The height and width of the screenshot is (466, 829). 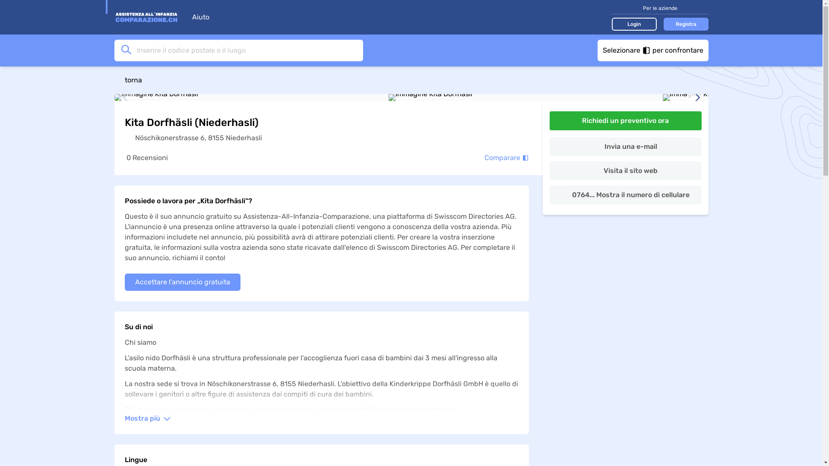 What do you see at coordinates (663, 23) in the screenshot?
I see `'Registra'` at bounding box center [663, 23].